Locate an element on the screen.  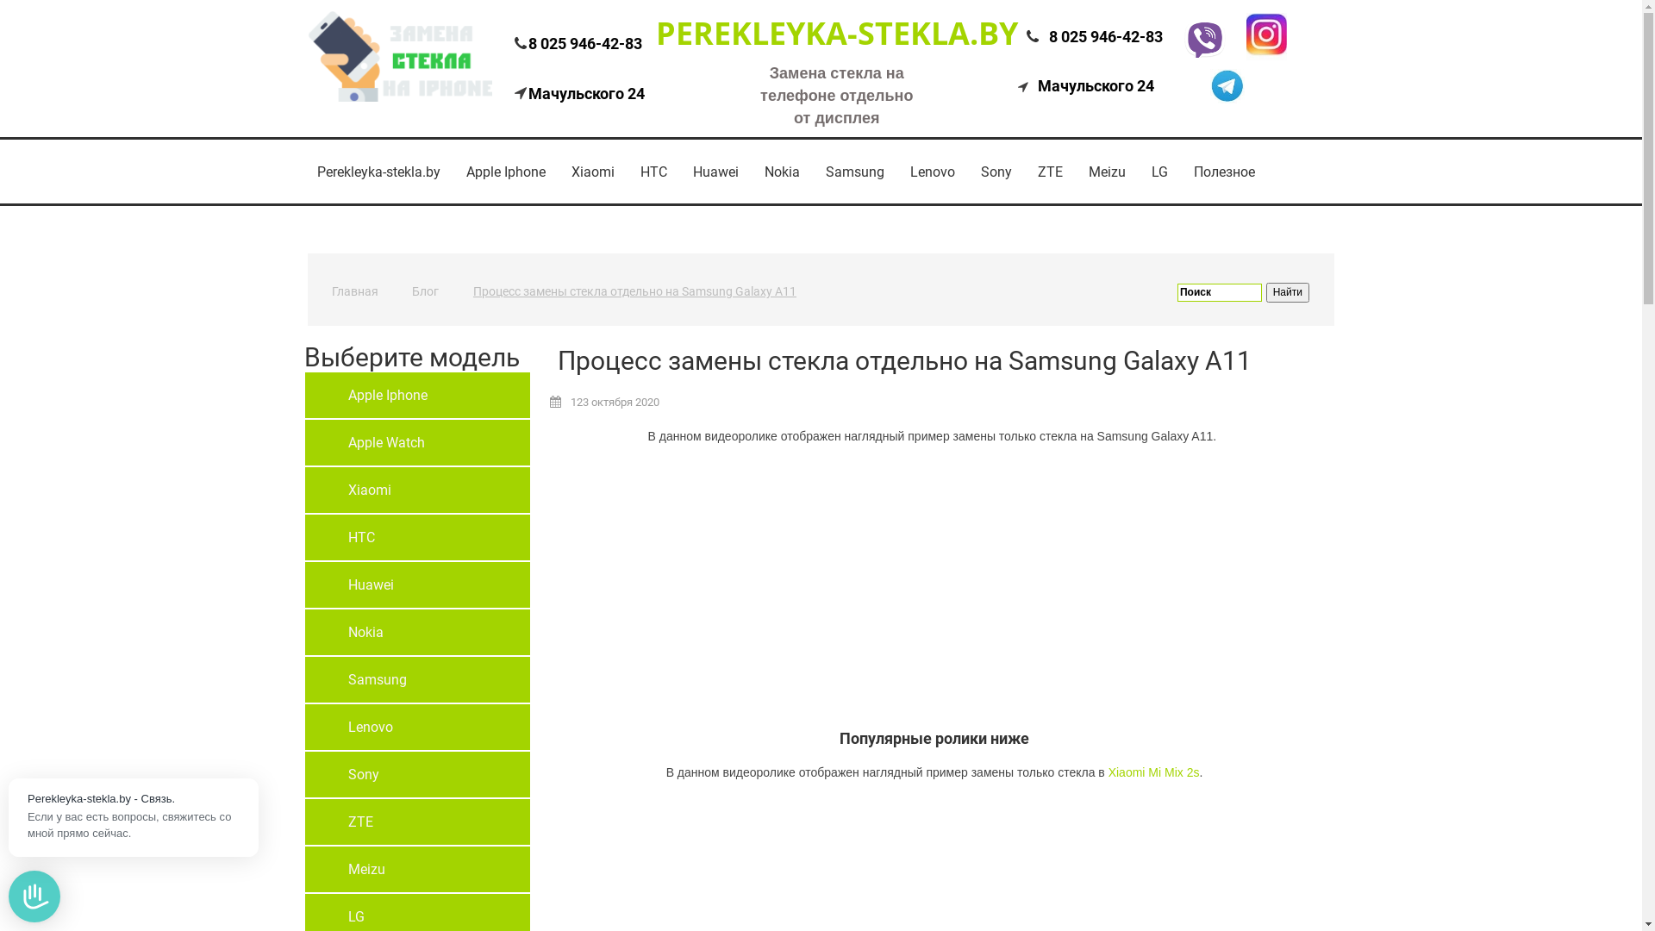
'Lenovo' is located at coordinates (416, 727).